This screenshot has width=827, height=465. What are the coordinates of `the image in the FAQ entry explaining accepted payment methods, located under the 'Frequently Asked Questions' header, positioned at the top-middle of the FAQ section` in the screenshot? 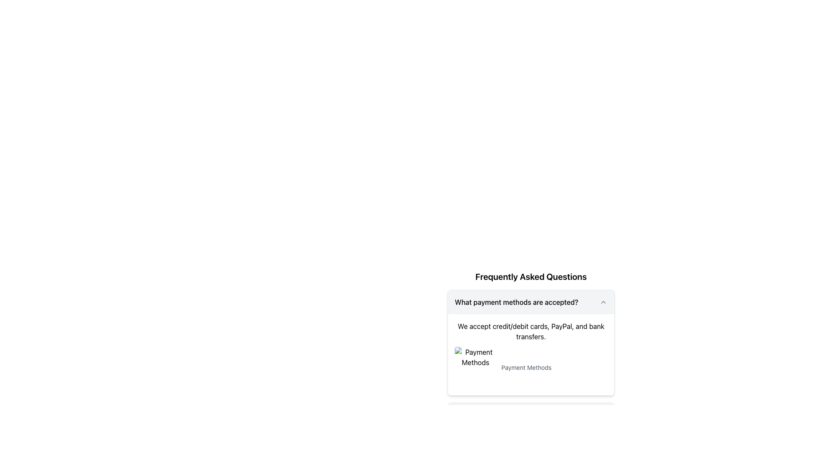 It's located at (531, 342).